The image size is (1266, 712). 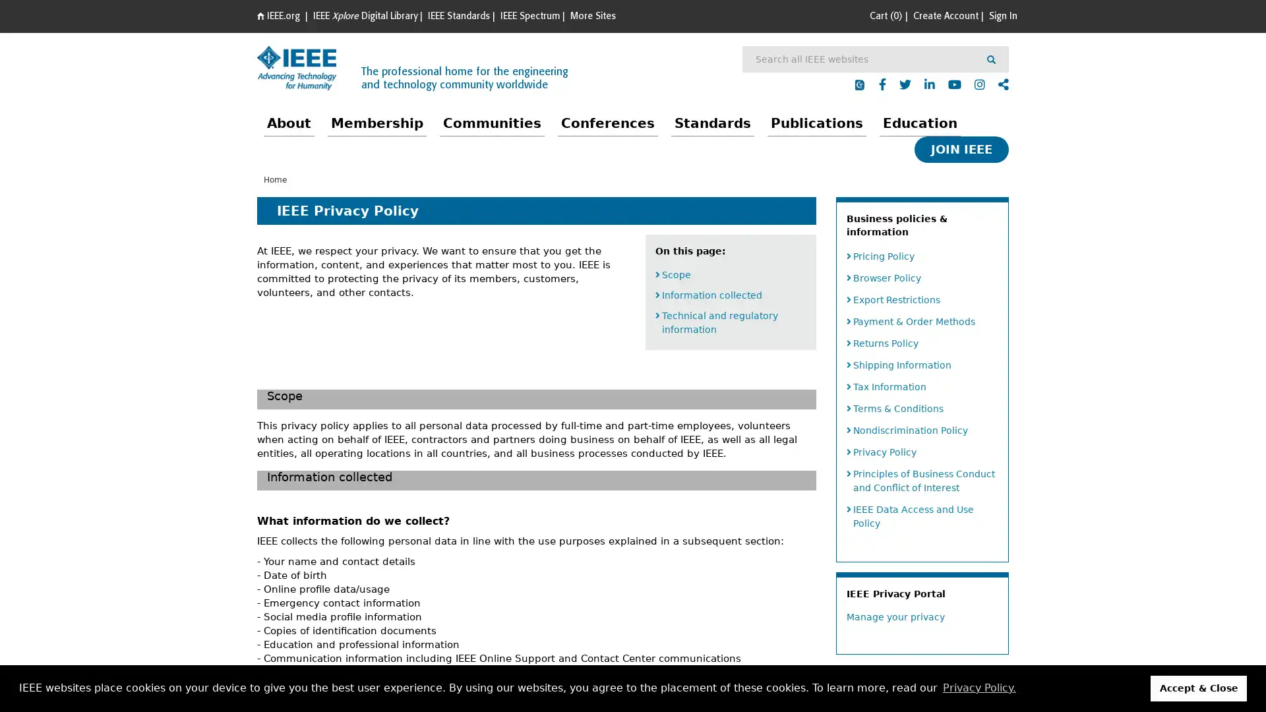 What do you see at coordinates (979, 688) in the screenshot?
I see `learn more about cookies` at bounding box center [979, 688].